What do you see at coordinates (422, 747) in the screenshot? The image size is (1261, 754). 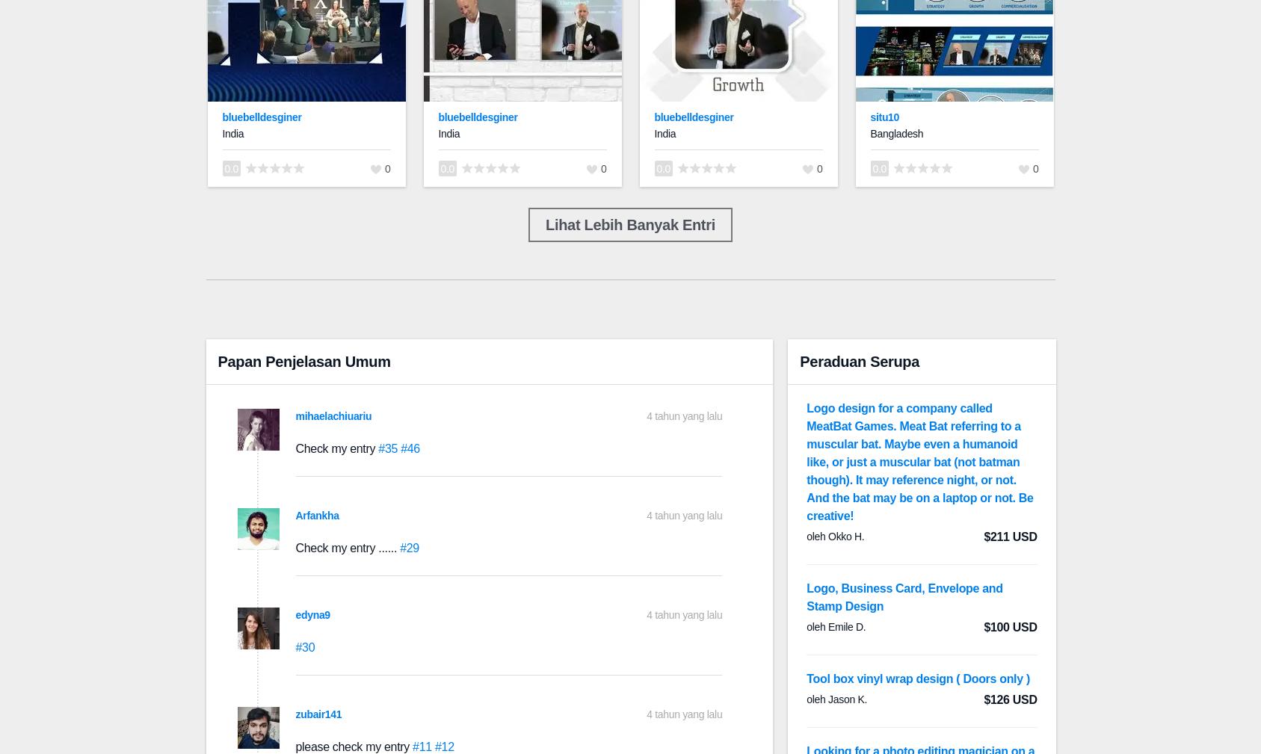 I see `'#11'` at bounding box center [422, 747].